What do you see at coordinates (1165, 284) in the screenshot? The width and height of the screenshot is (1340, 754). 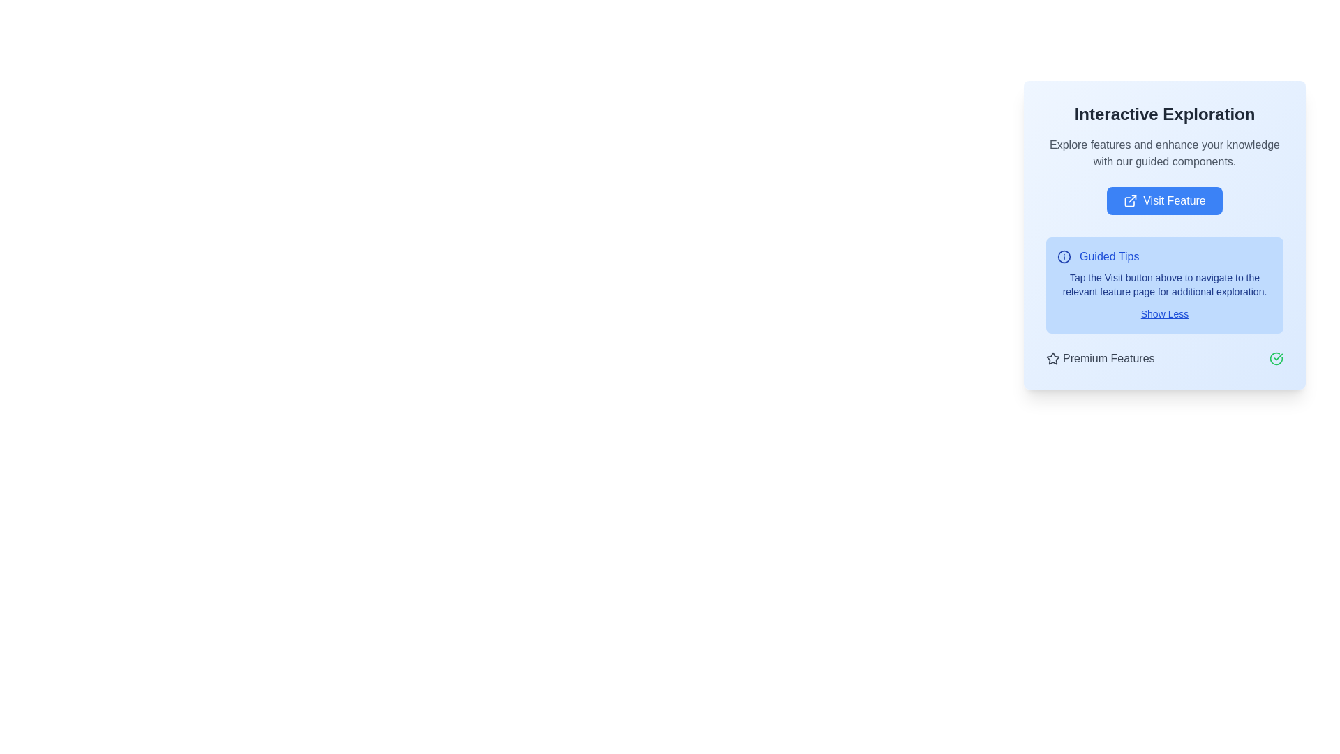 I see `text element that is styled in blue and instructs to 'Tap the Visit button above to navigate to the relevant feature page for additional exploration.' This text is located within the 'Guided Tips' section, below the heading and above the 'Show Less' clickable text` at bounding box center [1165, 284].